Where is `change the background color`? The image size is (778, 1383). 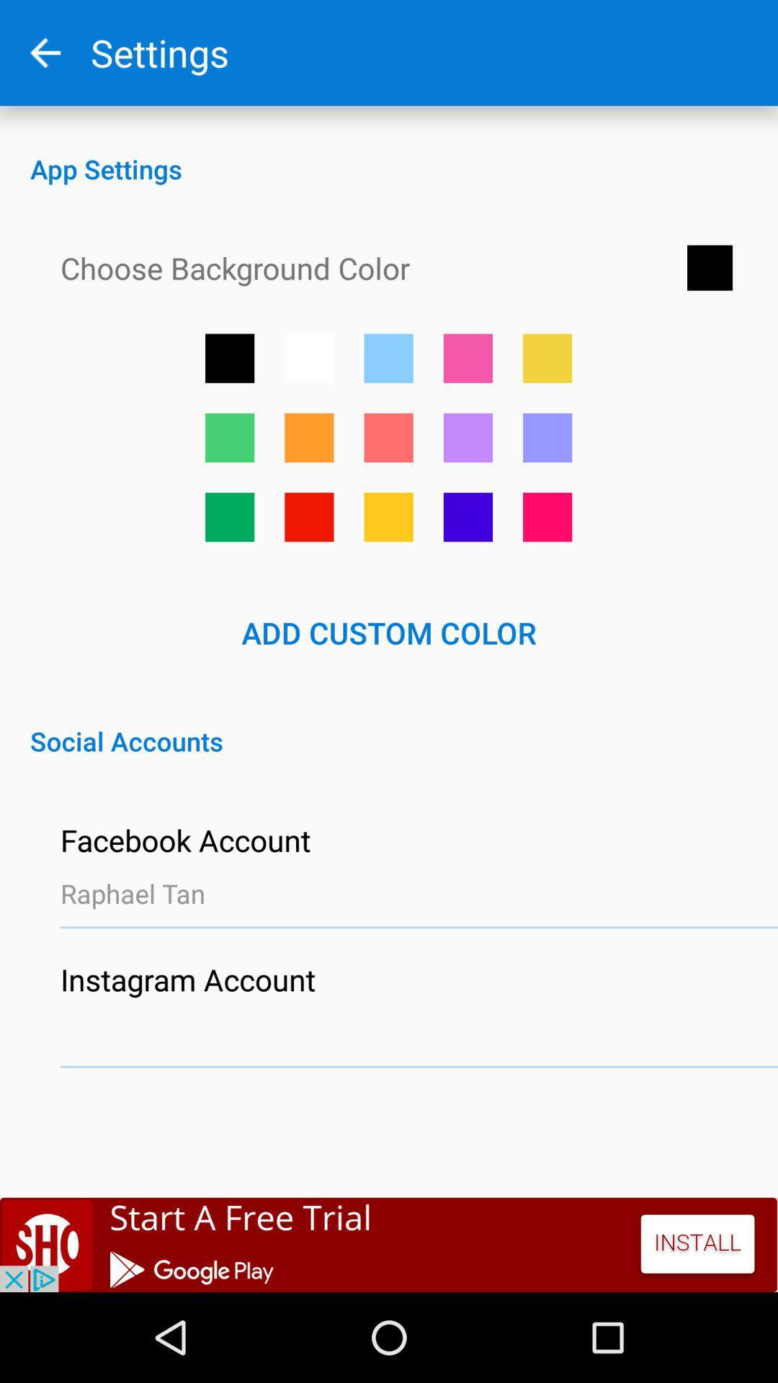 change the background color is located at coordinates (468, 517).